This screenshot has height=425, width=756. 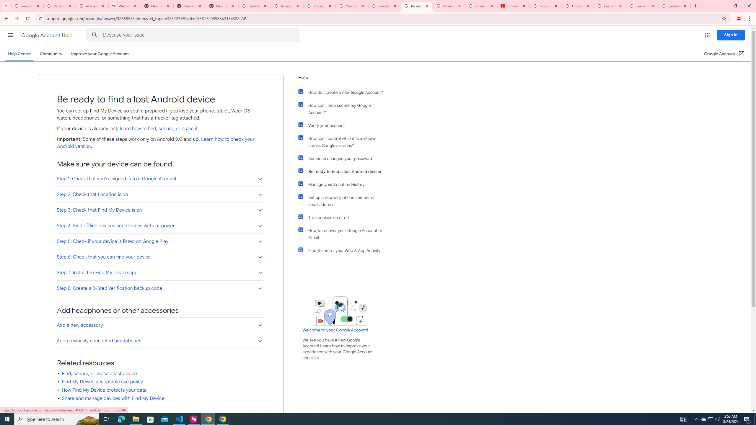 What do you see at coordinates (19, 53) in the screenshot?
I see `'Help Center'` at bounding box center [19, 53].